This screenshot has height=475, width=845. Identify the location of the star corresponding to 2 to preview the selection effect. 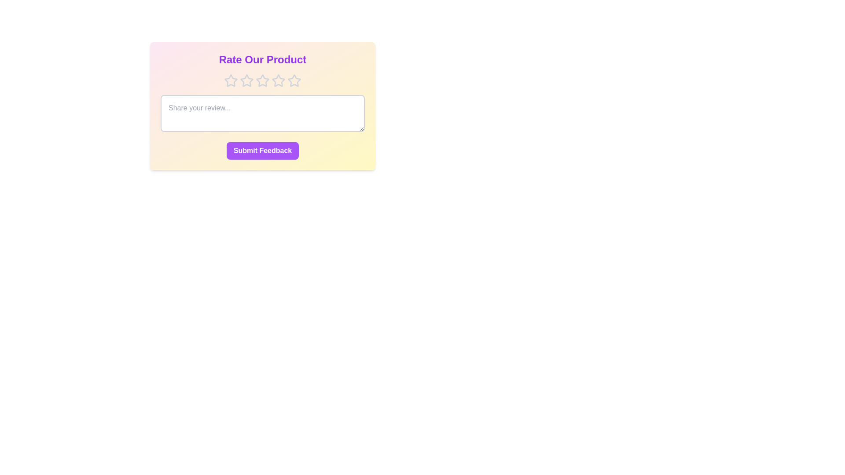
(246, 81).